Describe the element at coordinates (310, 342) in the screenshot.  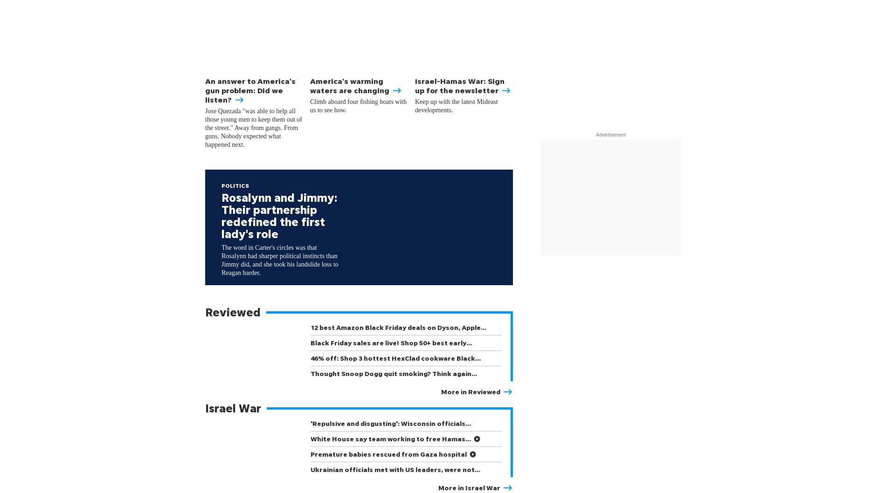
I see `'Black Friday sales are live! Shop 50+ best early…'` at that location.